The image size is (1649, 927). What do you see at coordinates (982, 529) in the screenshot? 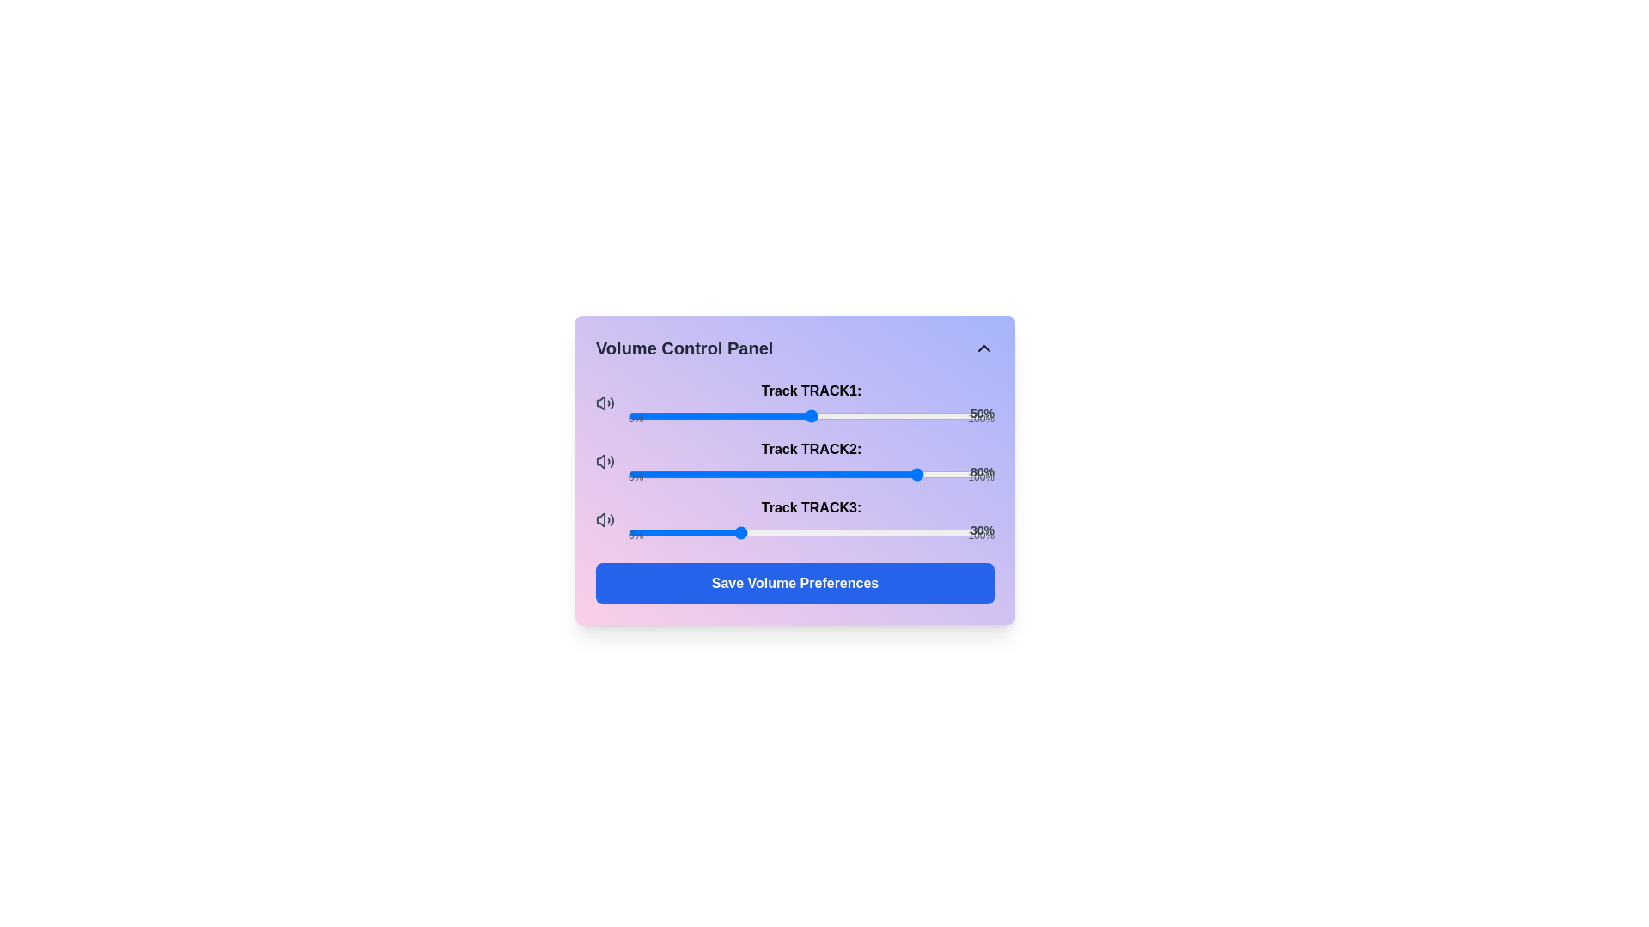
I see `the Text Label displaying '30%' which is styled in bold small font and colored gray, located at the far right end of the slider for 'Track TRACK3:'` at bounding box center [982, 529].